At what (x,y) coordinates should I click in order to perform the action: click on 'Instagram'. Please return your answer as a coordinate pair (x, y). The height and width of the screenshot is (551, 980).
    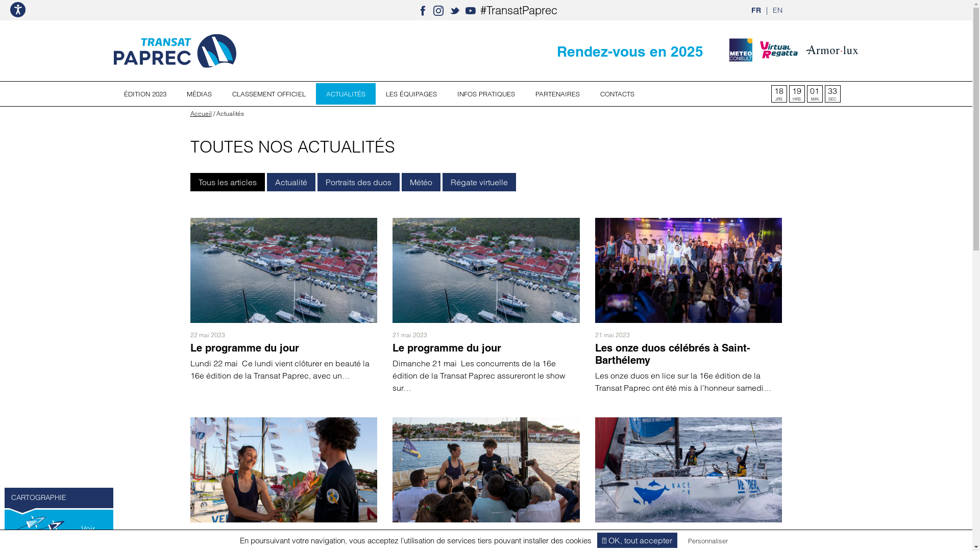
    Looking at the image, I should click on (438, 10).